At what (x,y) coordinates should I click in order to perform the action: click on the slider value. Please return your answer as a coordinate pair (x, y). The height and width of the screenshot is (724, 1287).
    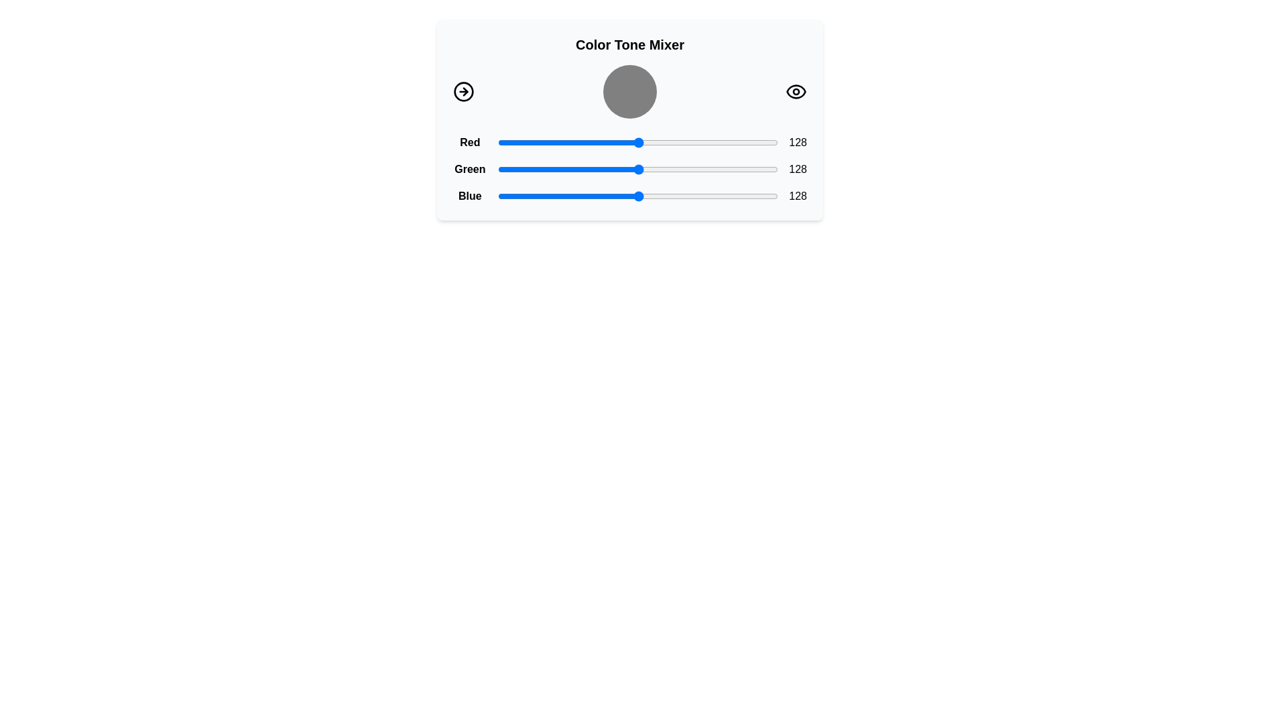
    Looking at the image, I should click on (688, 196).